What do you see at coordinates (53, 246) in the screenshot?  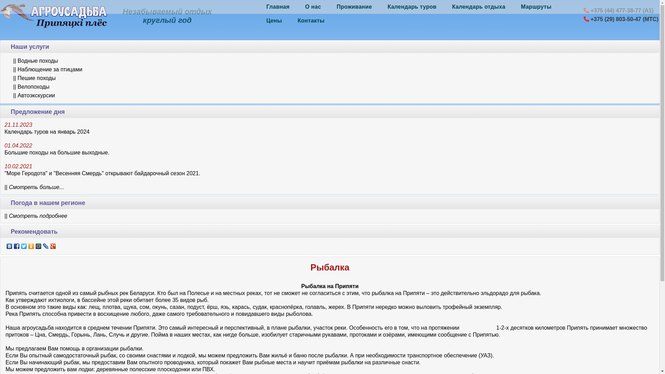 I see `'Google Plus'` at bounding box center [53, 246].